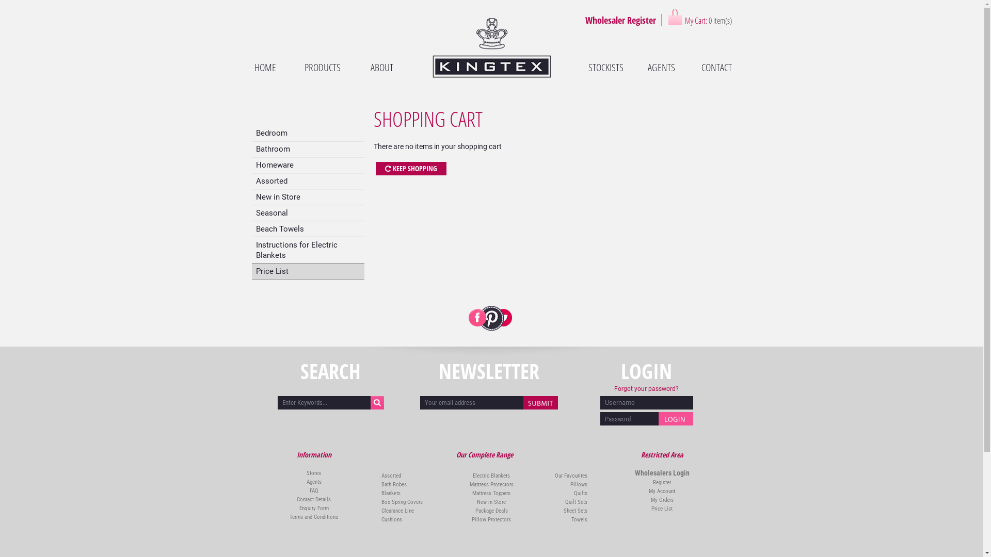 This screenshot has height=557, width=991. What do you see at coordinates (289, 517) in the screenshot?
I see `'Terms and Conditions'` at bounding box center [289, 517].